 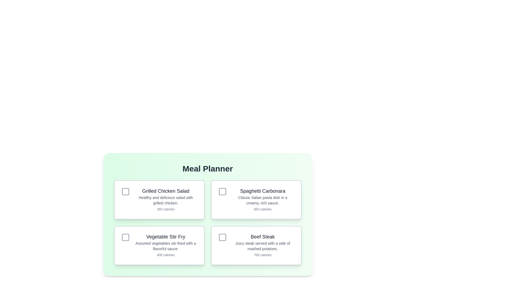 I want to click on the static text element providing details for the meal 'Beef Steak', located in the bottom-right card of the four-card layout under the 'Meal Planner' heading, so click(x=263, y=246).